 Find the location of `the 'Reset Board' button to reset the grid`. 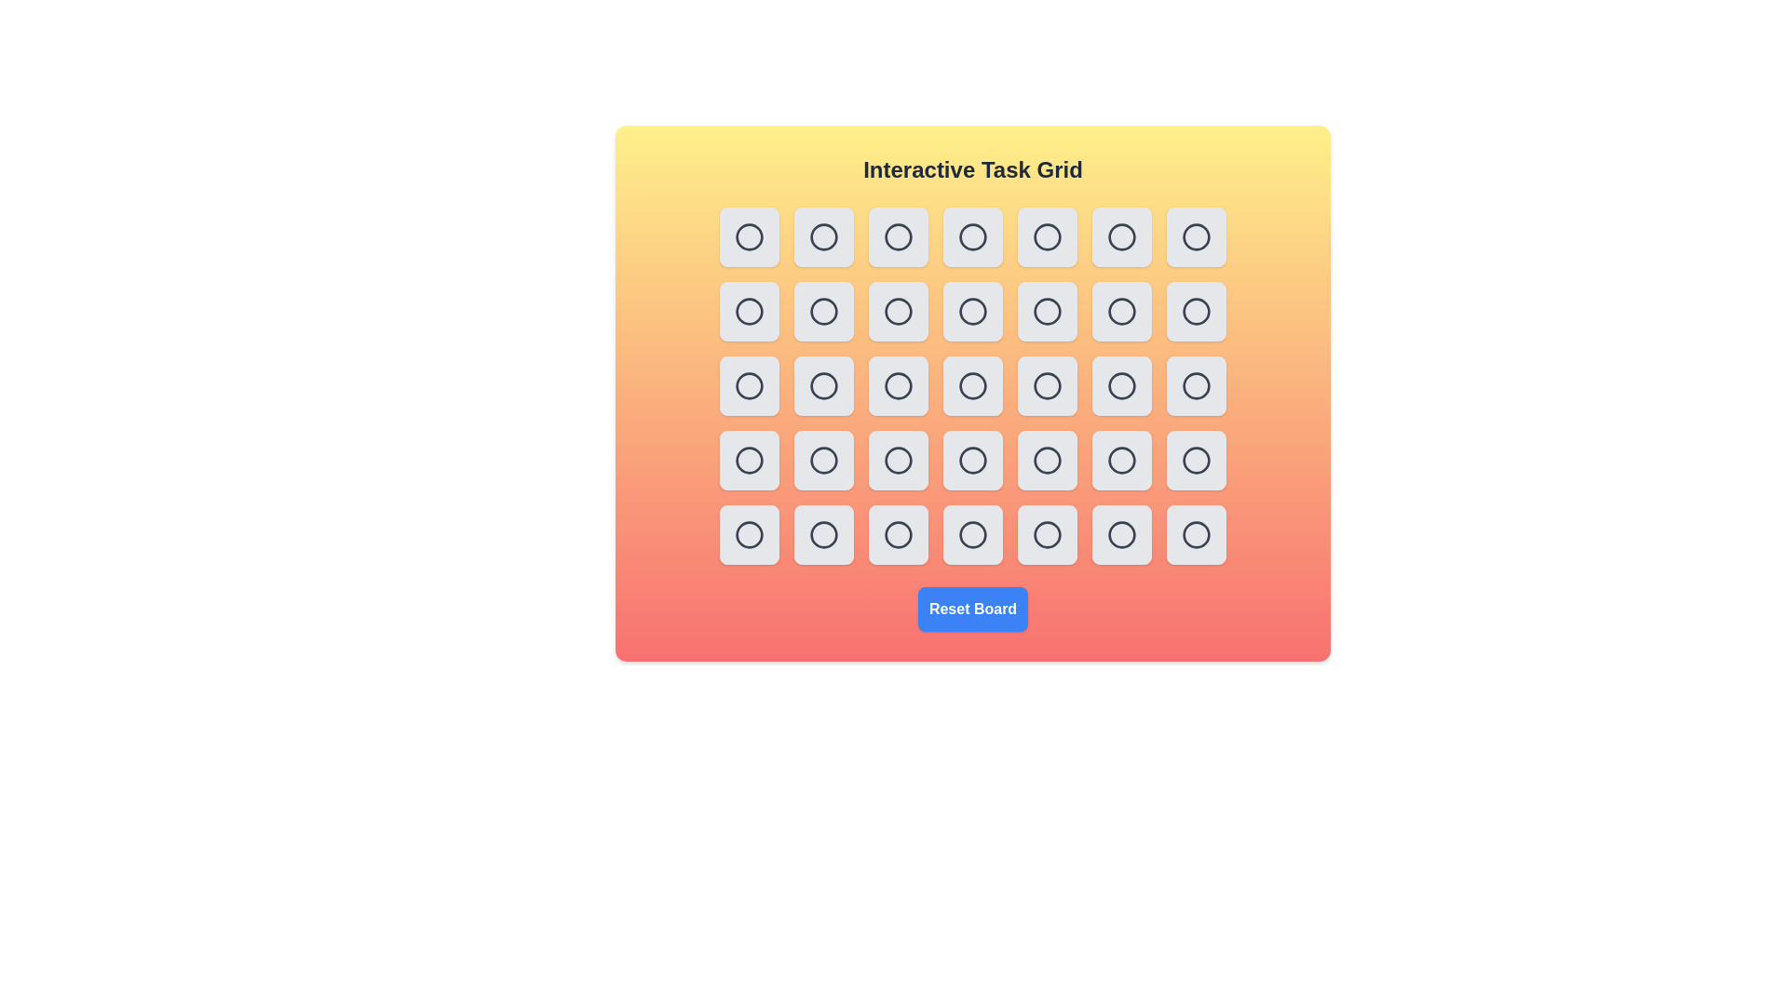

the 'Reset Board' button to reset the grid is located at coordinates (972, 610).